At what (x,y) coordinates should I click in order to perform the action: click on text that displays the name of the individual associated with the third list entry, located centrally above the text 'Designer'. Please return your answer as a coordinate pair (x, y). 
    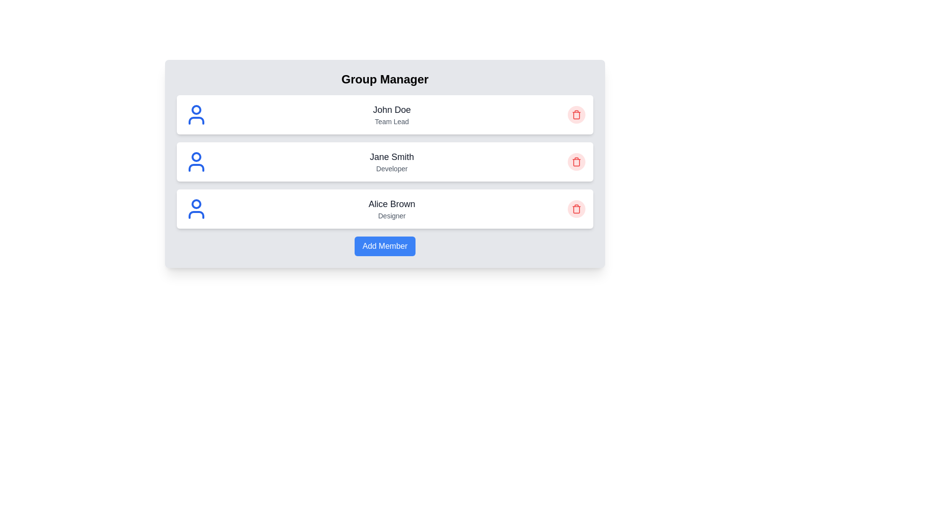
    Looking at the image, I should click on (391, 204).